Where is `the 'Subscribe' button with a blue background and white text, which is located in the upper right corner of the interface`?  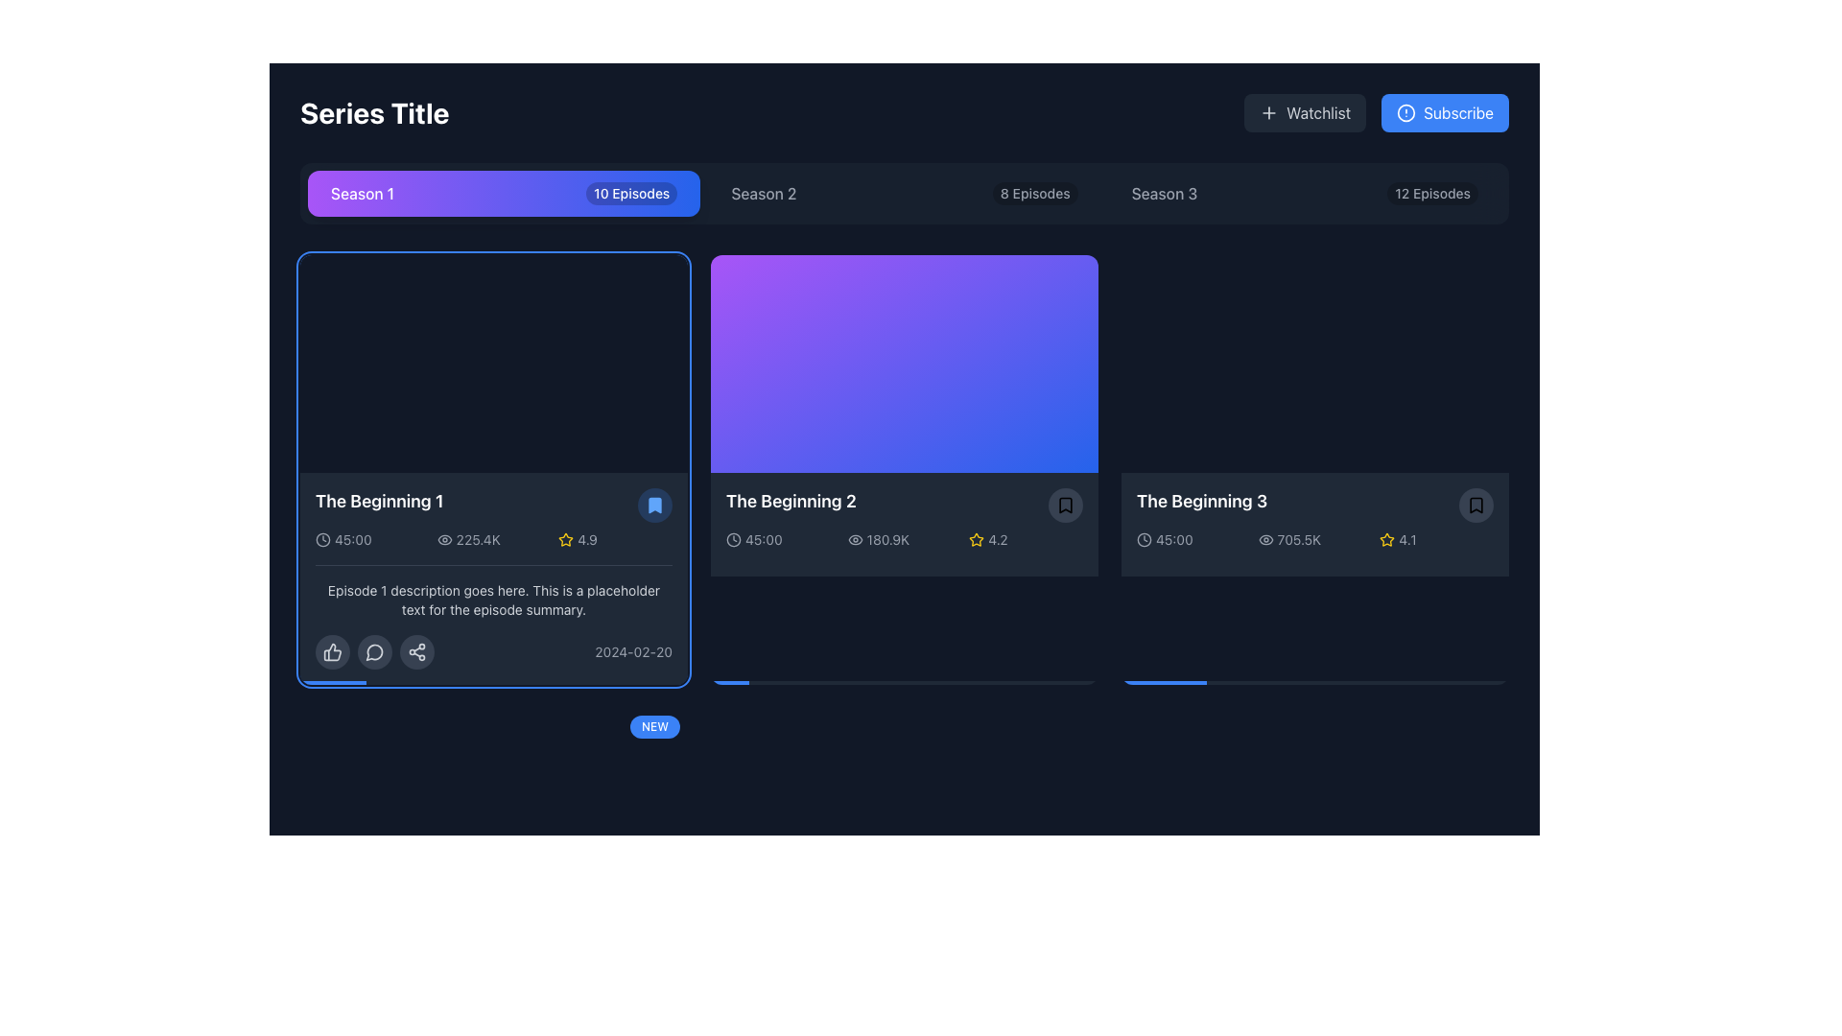
the 'Subscribe' button with a blue background and white text, which is located in the upper right corner of the interface is located at coordinates (1445, 113).